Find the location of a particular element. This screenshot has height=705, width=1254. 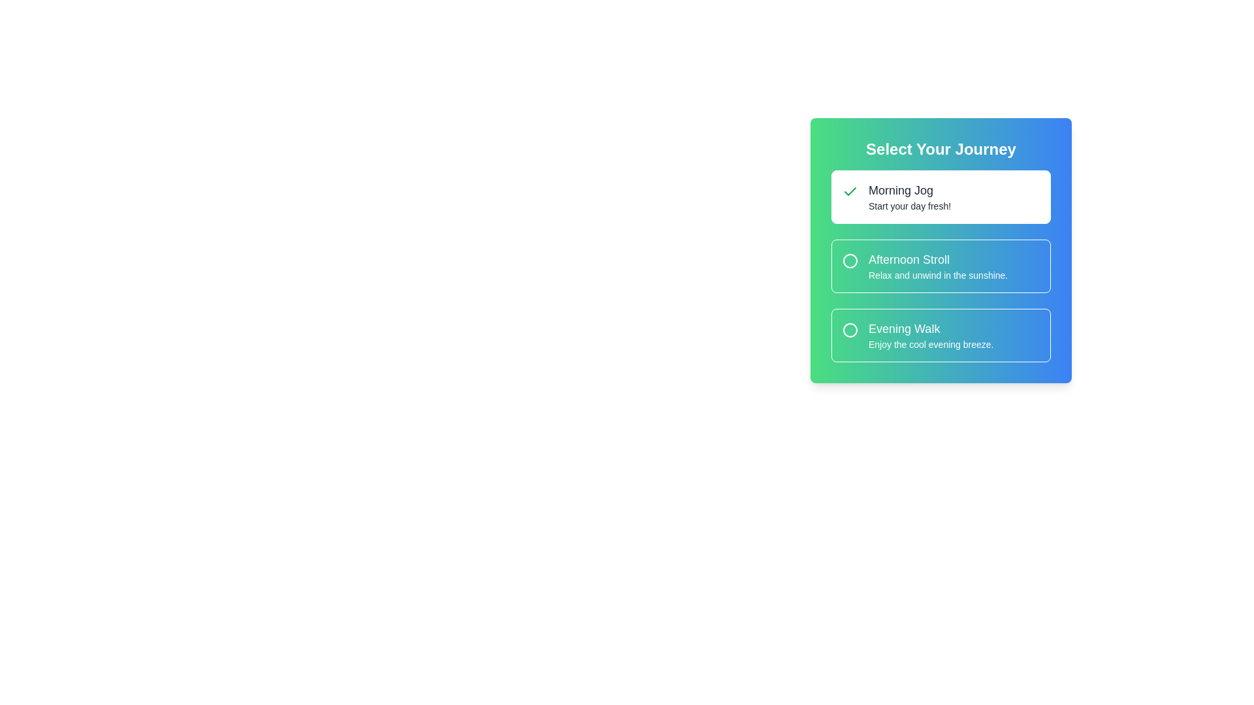

descriptive text label that provides additional information about the 'Morning Jog' option, located below it in the green and blue gradient card layout labeled 'Select Your Journey' is located at coordinates (908, 206).